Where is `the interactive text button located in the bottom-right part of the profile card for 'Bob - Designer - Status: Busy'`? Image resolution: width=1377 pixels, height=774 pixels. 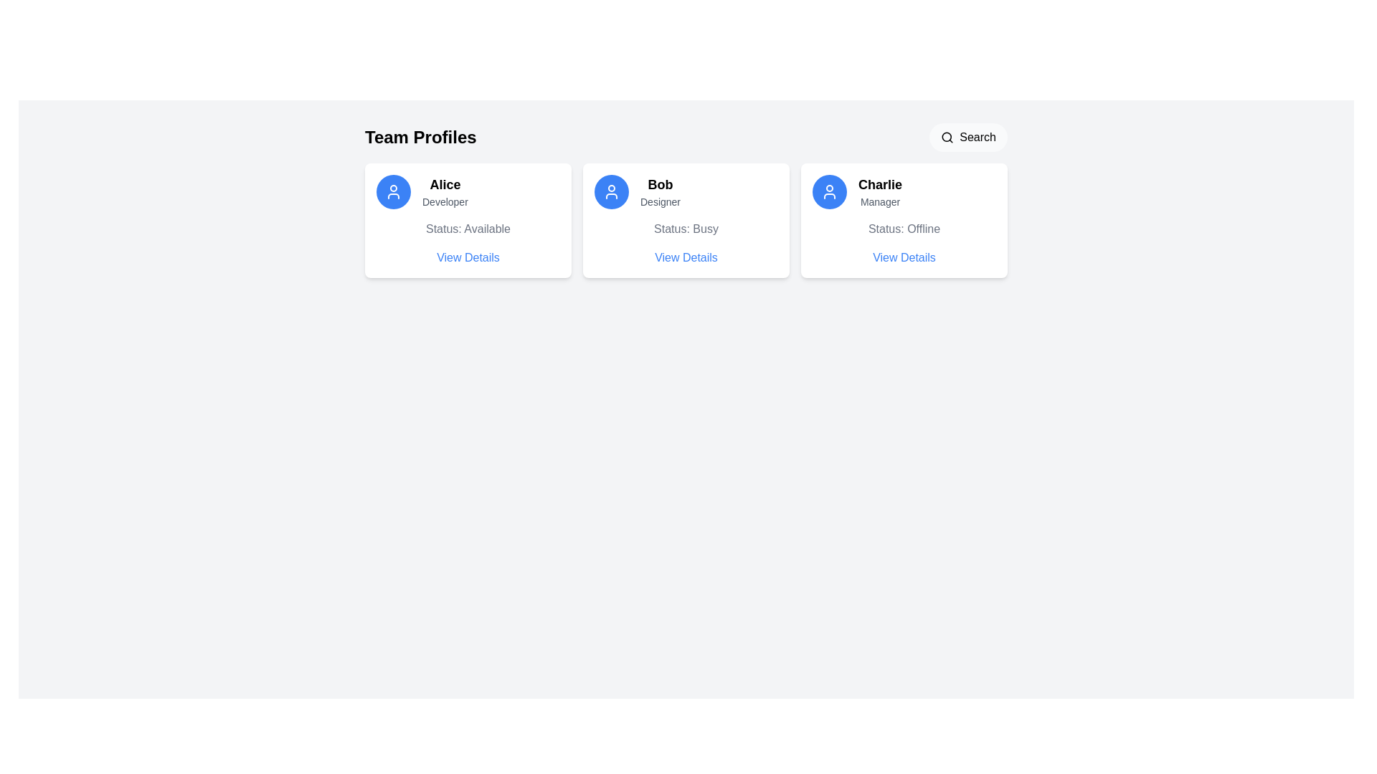 the interactive text button located in the bottom-right part of the profile card for 'Bob - Designer - Status: Busy' is located at coordinates (685, 257).